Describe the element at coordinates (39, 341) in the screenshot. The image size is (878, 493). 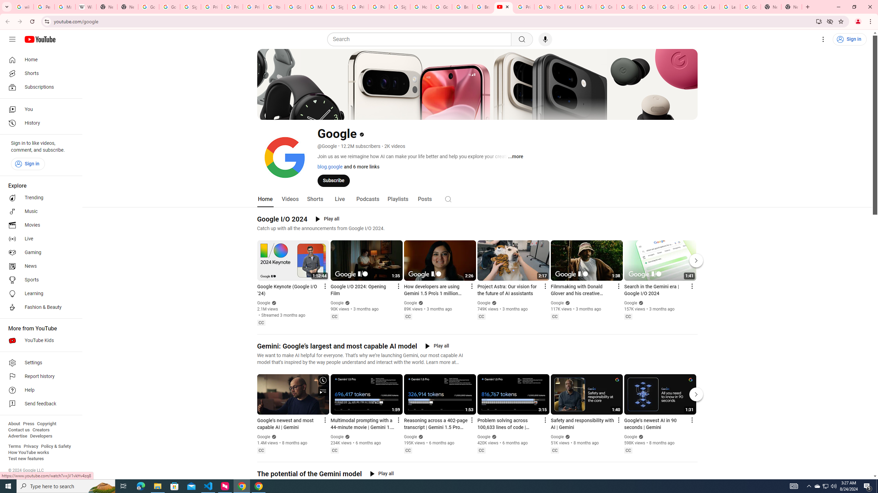
I see `'YouTube Kids'` at that location.